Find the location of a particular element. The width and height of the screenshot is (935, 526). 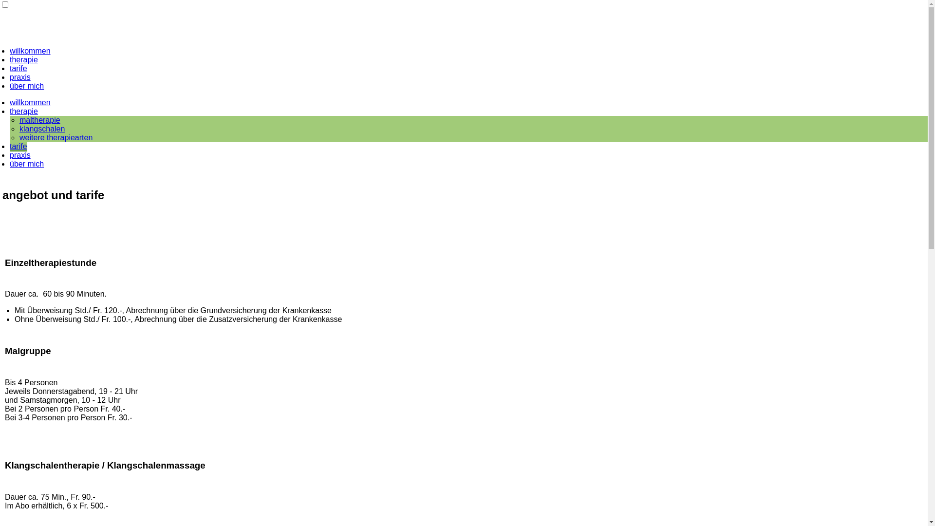

'weitere therapiearten' is located at coordinates (19, 137).